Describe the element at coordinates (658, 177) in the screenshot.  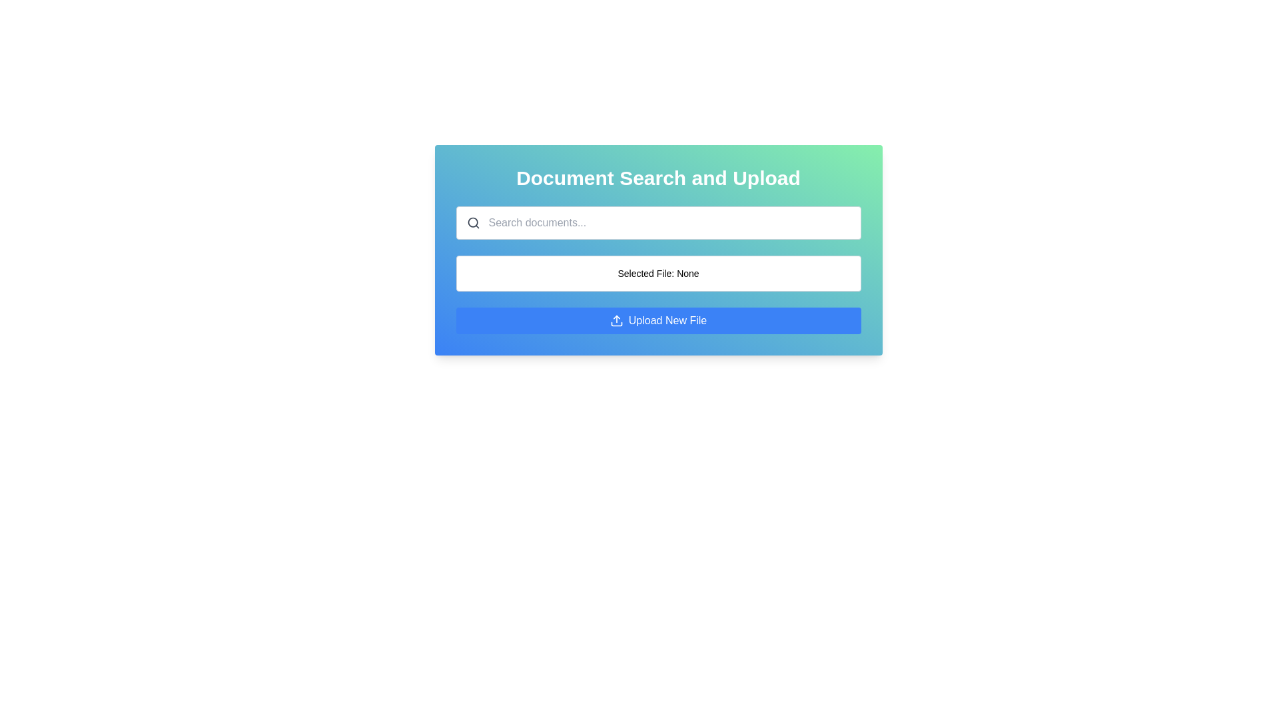
I see `the Header text element that serves as the title for the section, positioned at the uppermost part of a rounded-corner box with a gradient background` at that location.